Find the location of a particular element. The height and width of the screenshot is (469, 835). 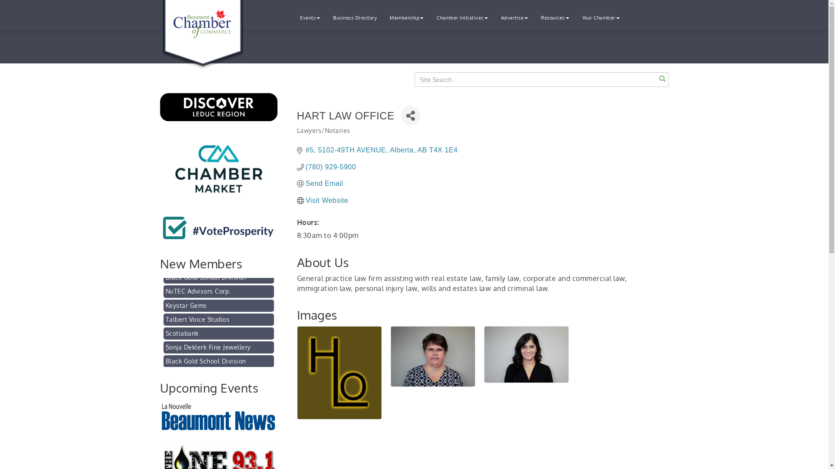

'Advertise' is located at coordinates (514, 18).